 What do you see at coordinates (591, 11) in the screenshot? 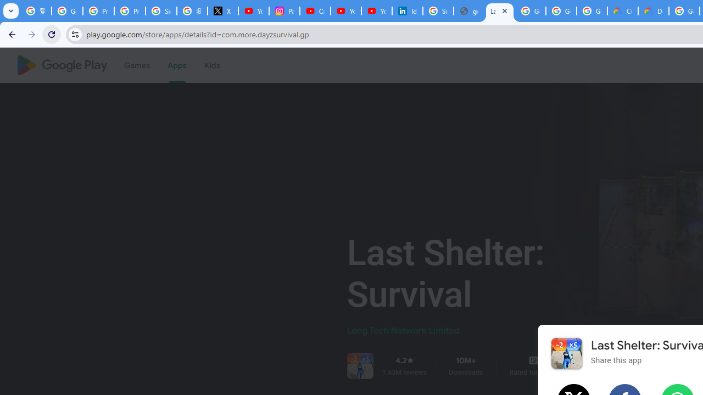
I see `'Google Workspace - Specific Terms'` at bounding box center [591, 11].